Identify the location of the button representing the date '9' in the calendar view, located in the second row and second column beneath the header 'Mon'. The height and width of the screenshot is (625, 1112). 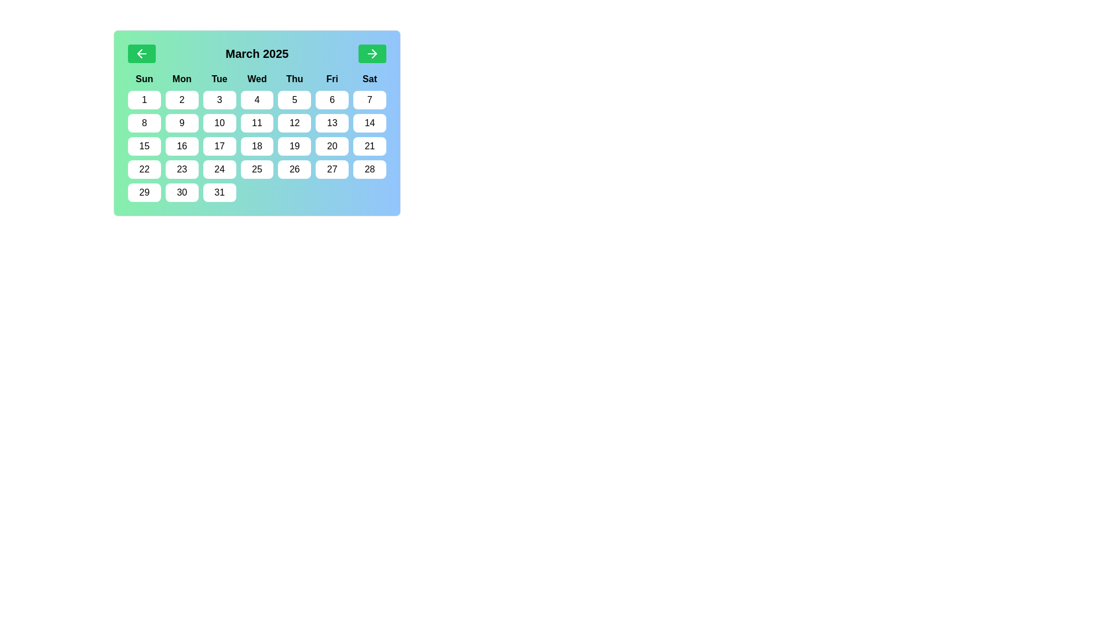
(181, 123).